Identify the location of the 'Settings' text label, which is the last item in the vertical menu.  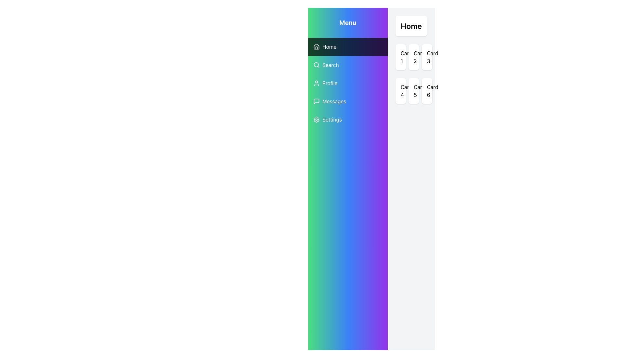
(332, 119).